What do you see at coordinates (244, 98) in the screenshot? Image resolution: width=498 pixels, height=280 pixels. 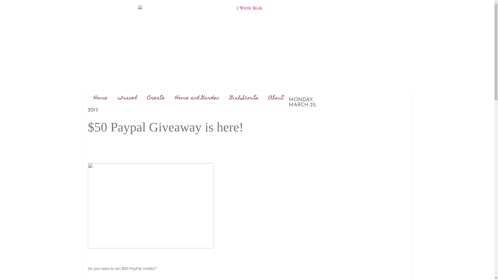 I see `'Girl Scouts'` at bounding box center [244, 98].